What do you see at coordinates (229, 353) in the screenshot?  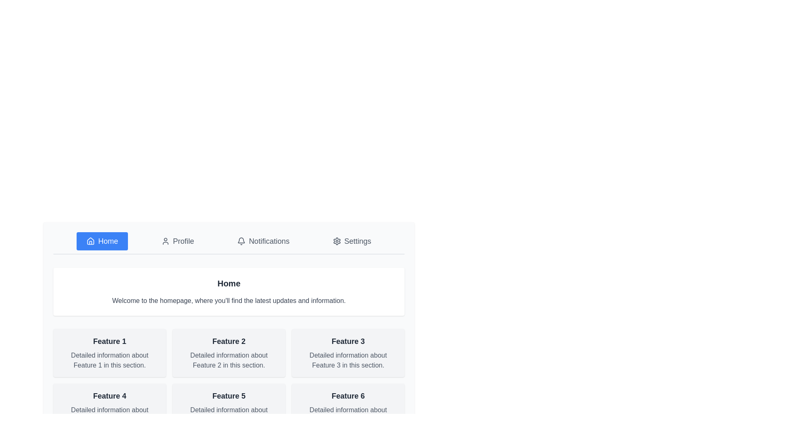 I see `the informational card labeled 'Feature 2', which is the second card in the top row of a grid layout` at bounding box center [229, 353].